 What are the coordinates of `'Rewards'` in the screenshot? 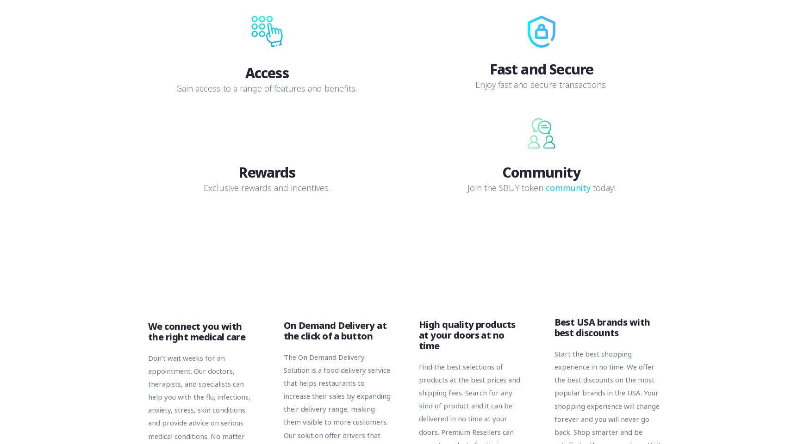 It's located at (266, 171).